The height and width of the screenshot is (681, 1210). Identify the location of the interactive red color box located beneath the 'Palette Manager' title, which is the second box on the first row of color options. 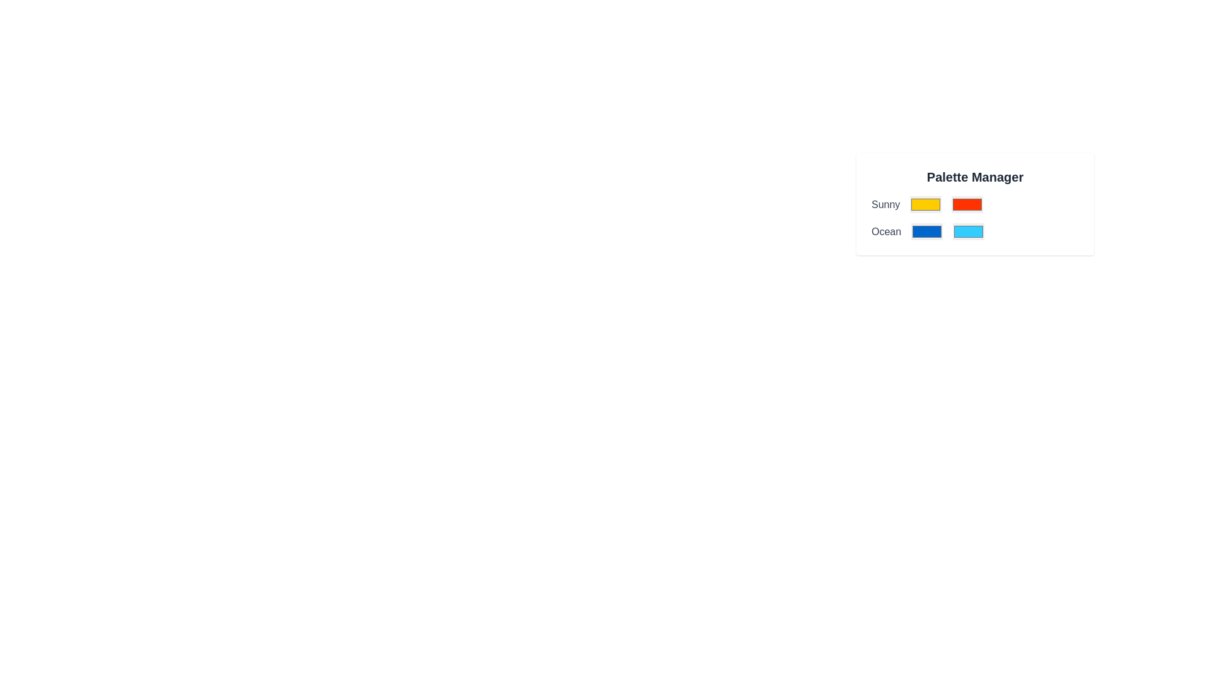
(974, 204).